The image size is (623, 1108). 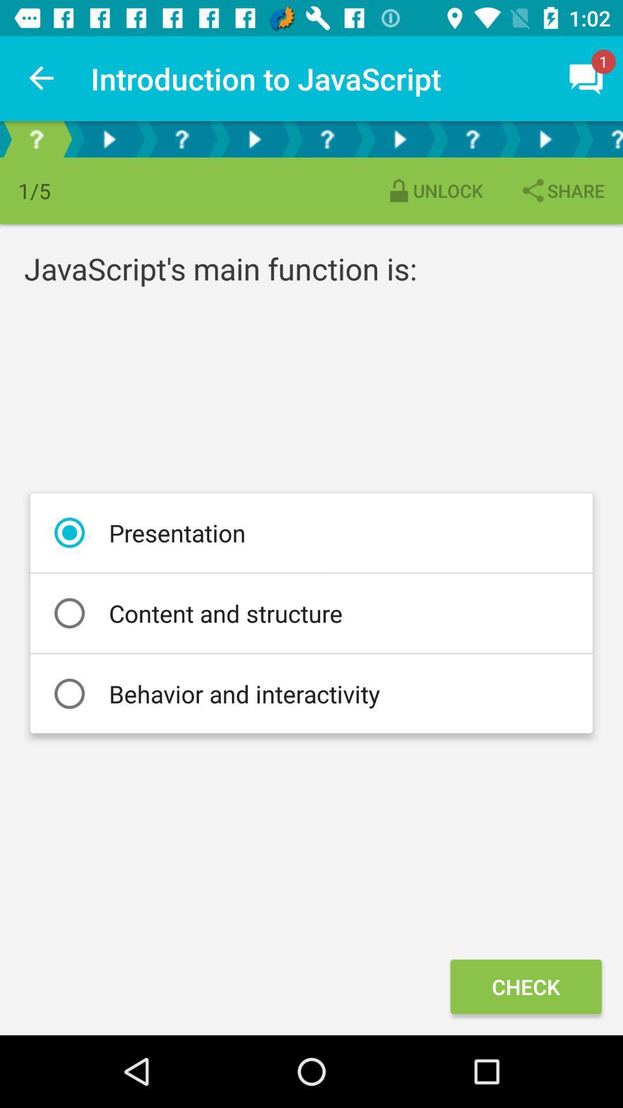 What do you see at coordinates (434, 190) in the screenshot?
I see `unlock item` at bounding box center [434, 190].